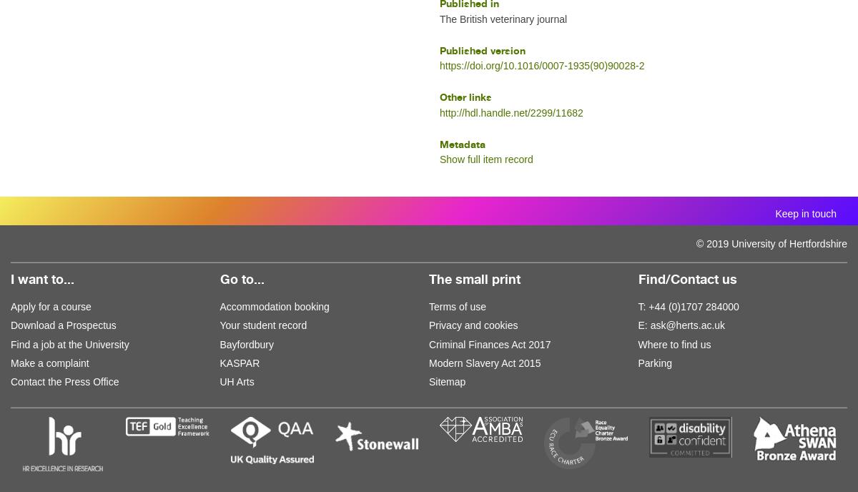 The height and width of the screenshot is (492, 858). I want to click on 'T: +44 (0)1707 284000', so click(688, 306).